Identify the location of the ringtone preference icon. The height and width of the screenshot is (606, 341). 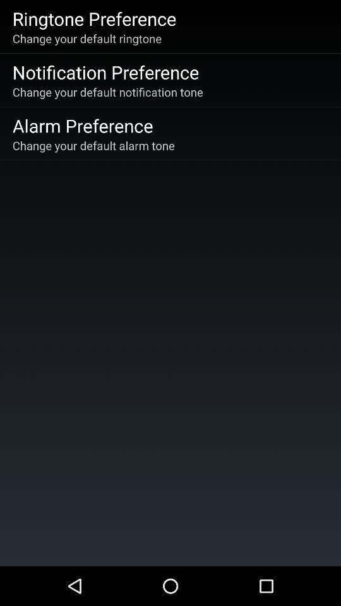
(93, 18).